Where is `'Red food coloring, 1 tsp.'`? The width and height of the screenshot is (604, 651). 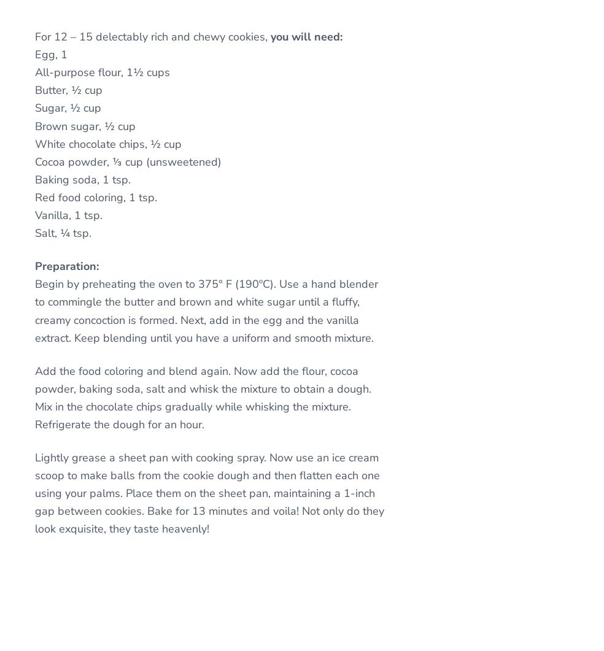
'Red food coloring, 1 tsp.' is located at coordinates (96, 197).